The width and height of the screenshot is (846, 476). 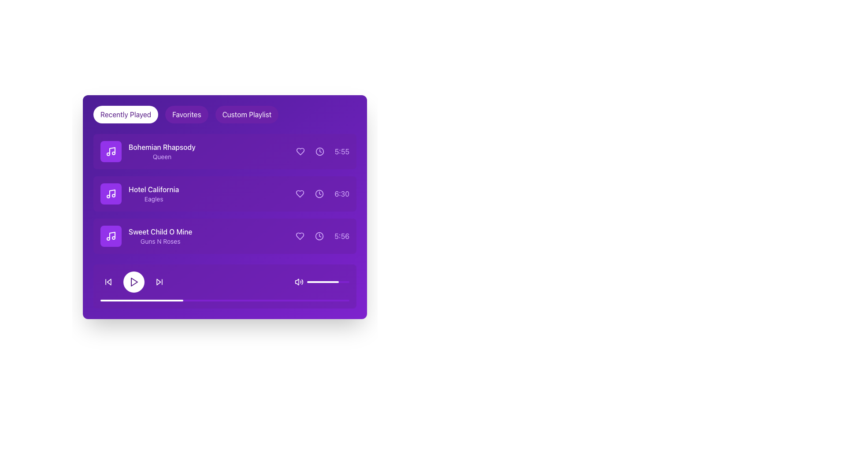 What do you see at coordinates (133, 282) in the screenshot?
I see `the Play button located at the bottom center of the media control panel to observe hover effects` at bounding box center [133, 282].